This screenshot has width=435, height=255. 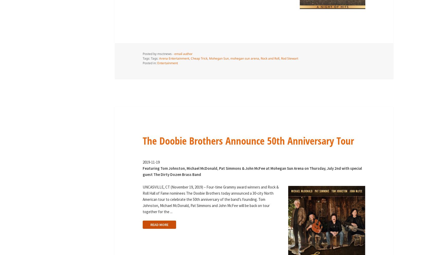 What do you see at coordinates (289, 58) in the screenshot?
I see `'Rod Stewart'` at bounding box center [289, 58].